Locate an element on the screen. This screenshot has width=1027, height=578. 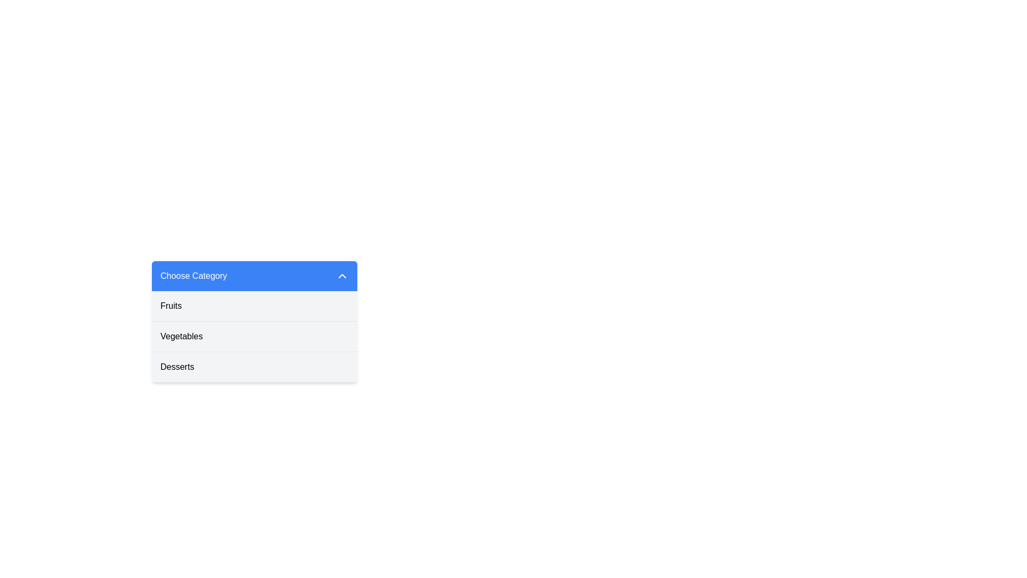
the 'Desserts' option in the dropdown menu titled 'Choose Category', which is the third item in the list is located at coordinates (254, 367).